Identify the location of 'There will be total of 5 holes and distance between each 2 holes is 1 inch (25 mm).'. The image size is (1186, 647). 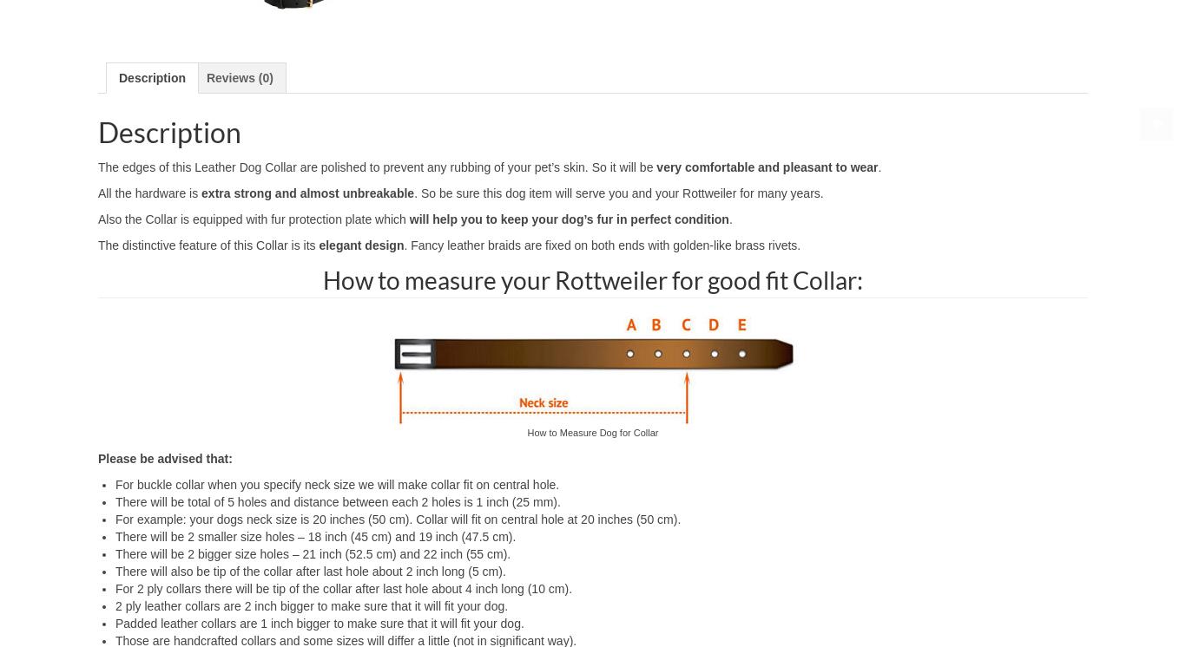
(337, 500).